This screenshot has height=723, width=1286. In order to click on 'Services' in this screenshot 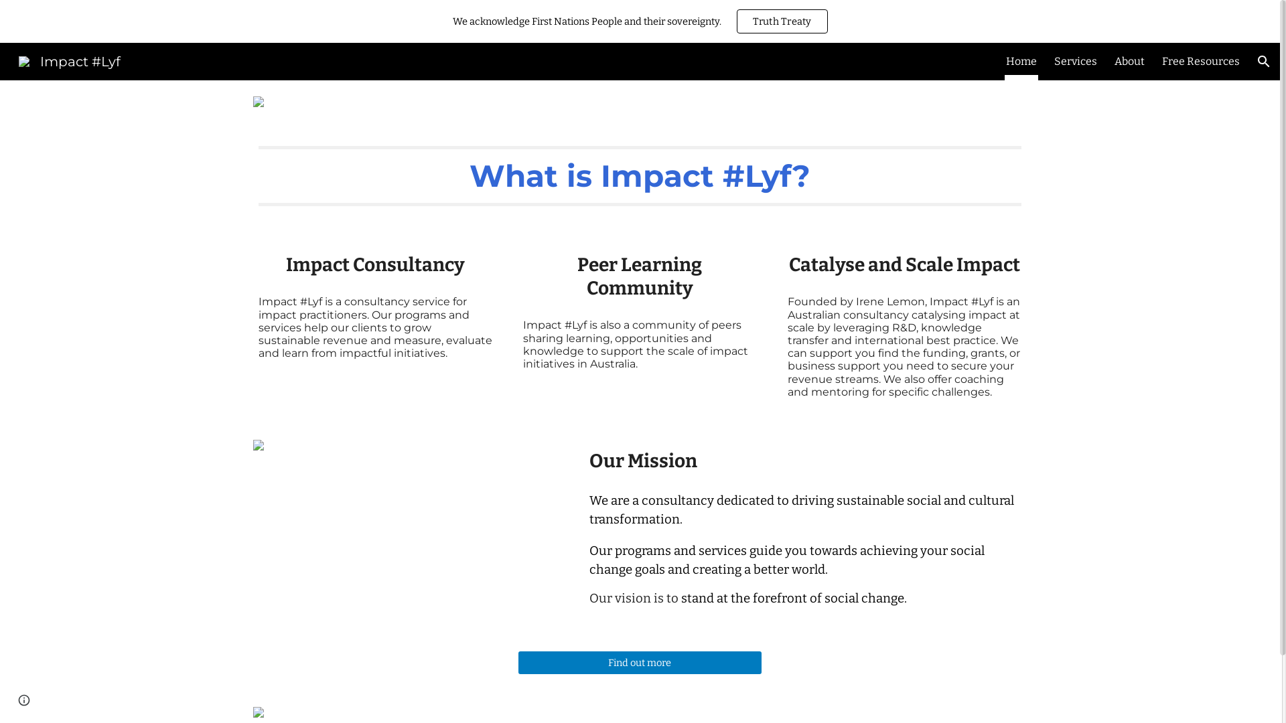, I will do `click(1076, 62)`.